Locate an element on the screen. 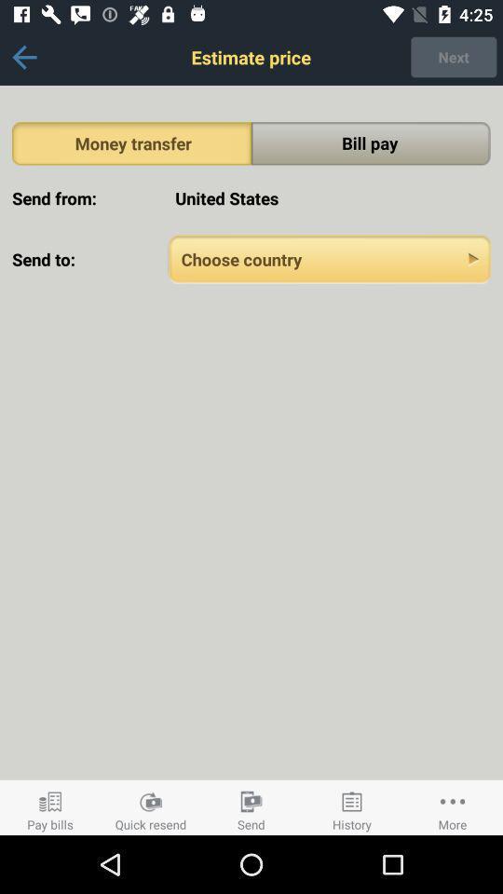 The image size is (503, 894). the item next to the estimate price item is located at coordinates (453, 57).